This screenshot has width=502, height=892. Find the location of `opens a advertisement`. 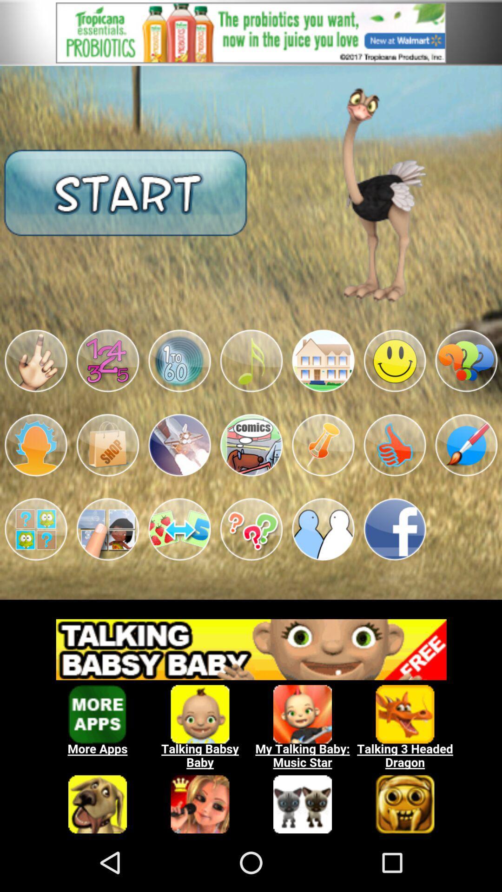

opens a advertisement is located at coordinates (251, 33).